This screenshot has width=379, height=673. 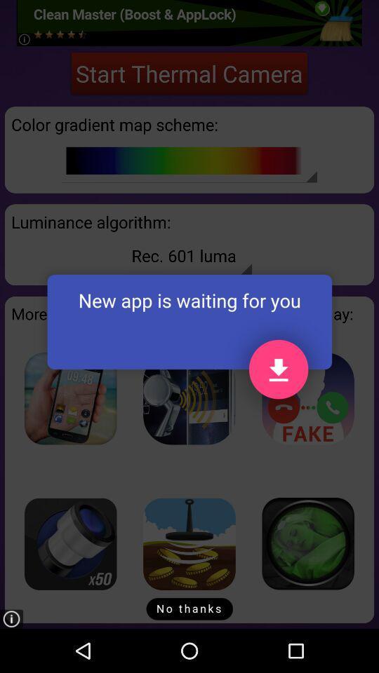 I want to click on click advertisement, so click(x=69, y=398).